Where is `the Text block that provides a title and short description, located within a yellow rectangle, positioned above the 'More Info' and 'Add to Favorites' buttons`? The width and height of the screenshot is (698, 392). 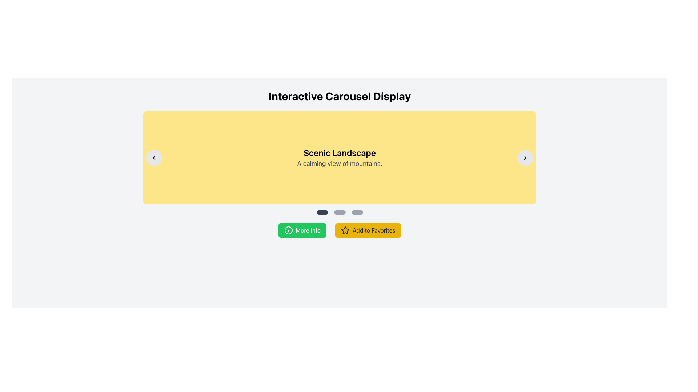 the Text block that provides a title and short description, located within a yellow rectangle, positioned above the 'More Info' and 'Add to Favorites' buttons is located at coordinates (339, 158).